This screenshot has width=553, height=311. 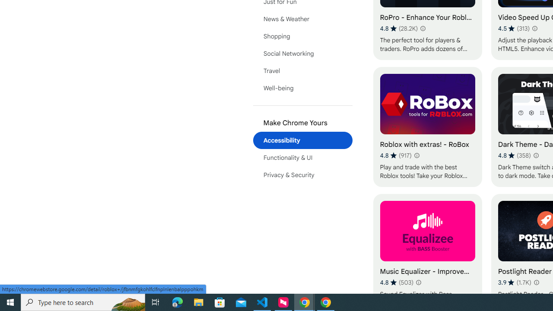 I want to click on 'Roblox with extras! - RoBox', so click(x=427, y=127).